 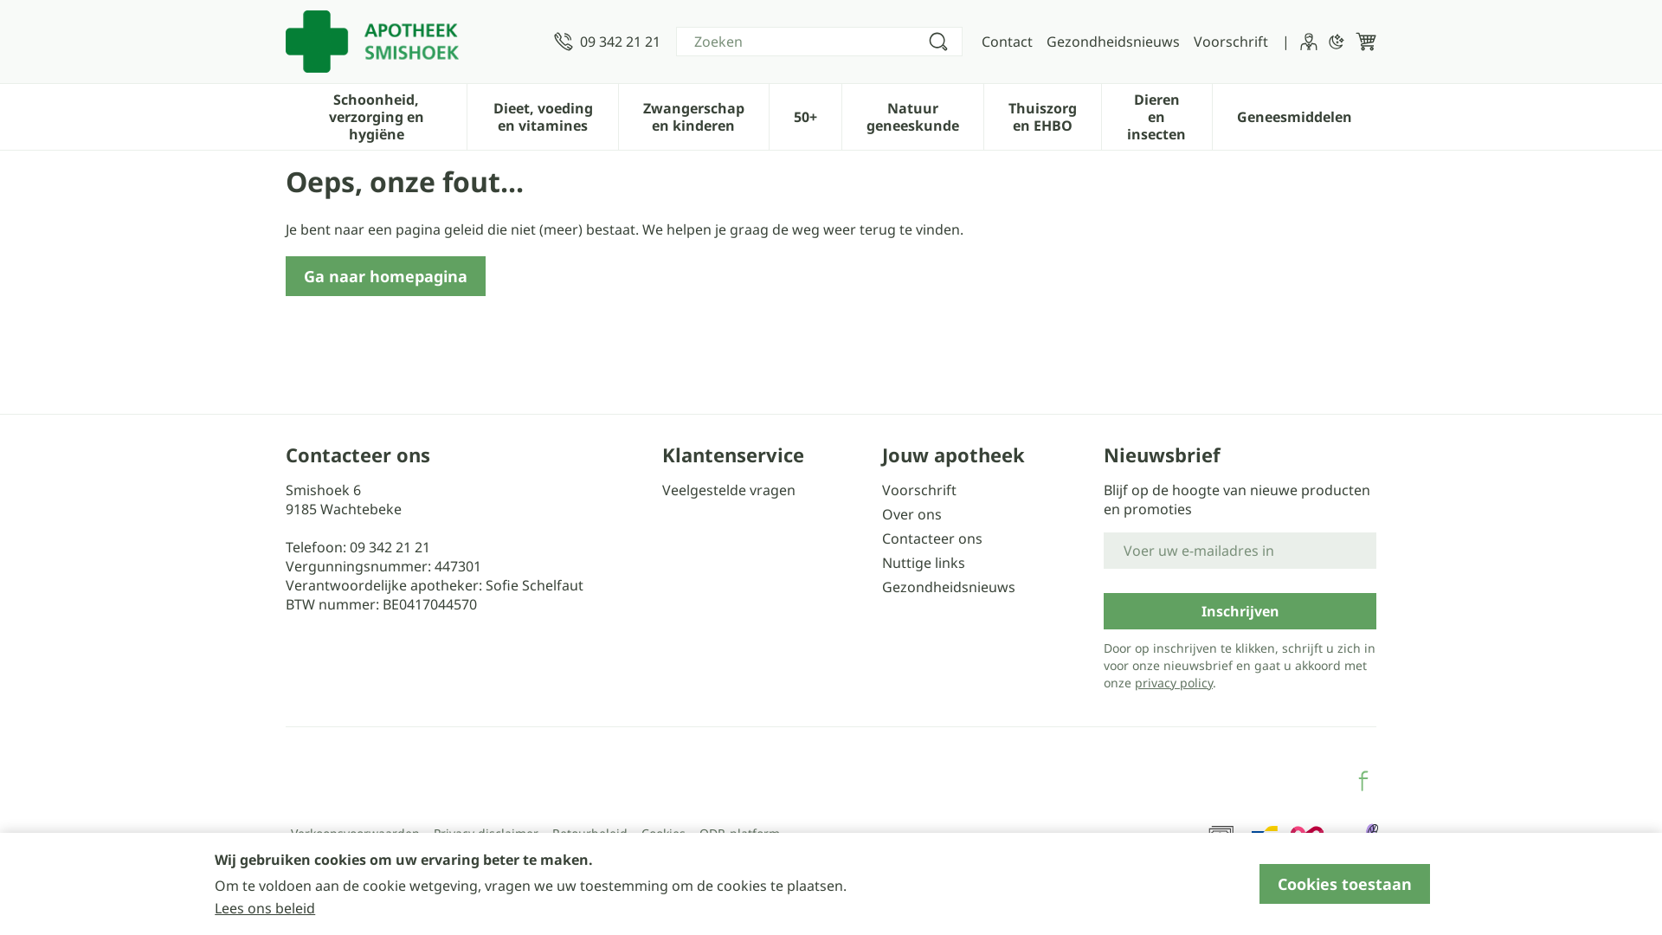 What do you see at coordinates (1362, 781) in the screenshot?
I see `'Facebook'` at bounding box center [1362, 781].